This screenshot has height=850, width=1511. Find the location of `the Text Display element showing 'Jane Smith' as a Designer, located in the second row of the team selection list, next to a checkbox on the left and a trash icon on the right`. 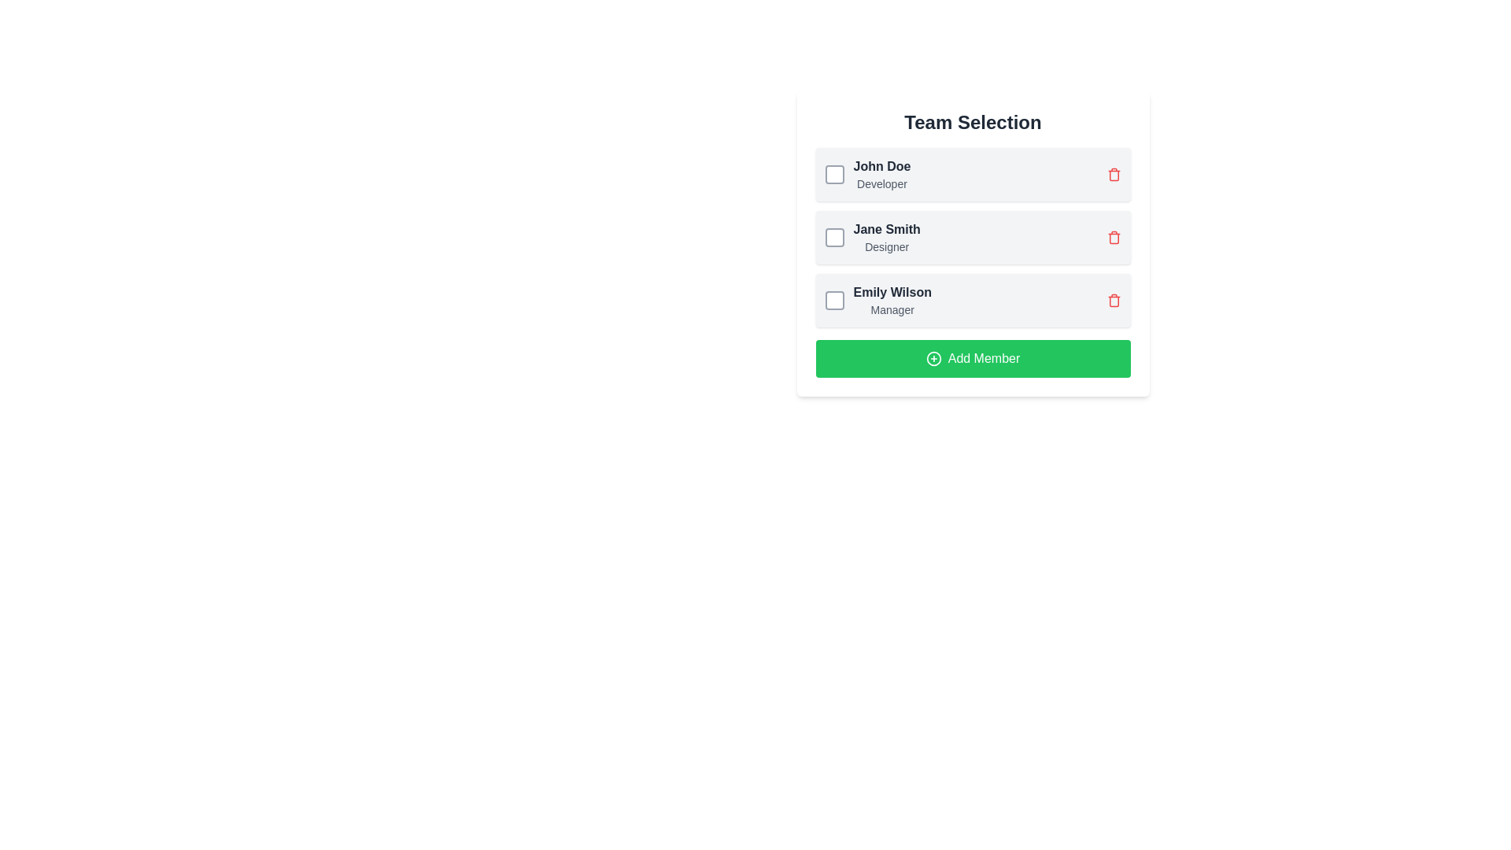

the Text Display element showing 'Jane Smith' as a Designer, located in the second row of the team selection list, next to a checkbox on the left and a trash icon on the right is located at coordinates (872, 237).